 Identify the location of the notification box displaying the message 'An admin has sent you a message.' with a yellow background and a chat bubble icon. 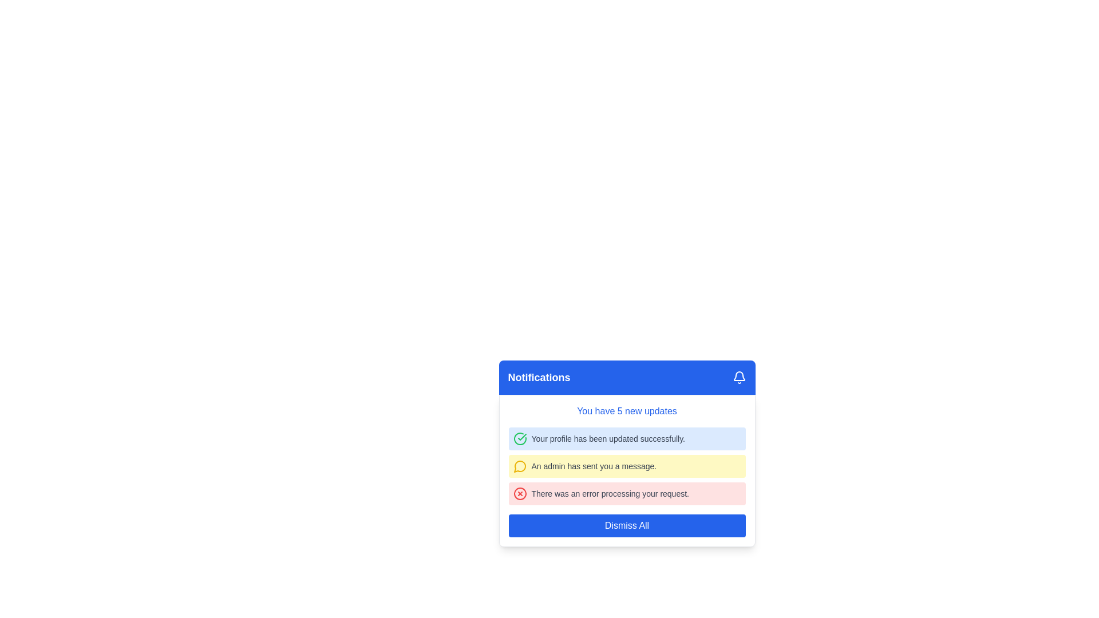
(626, 466).